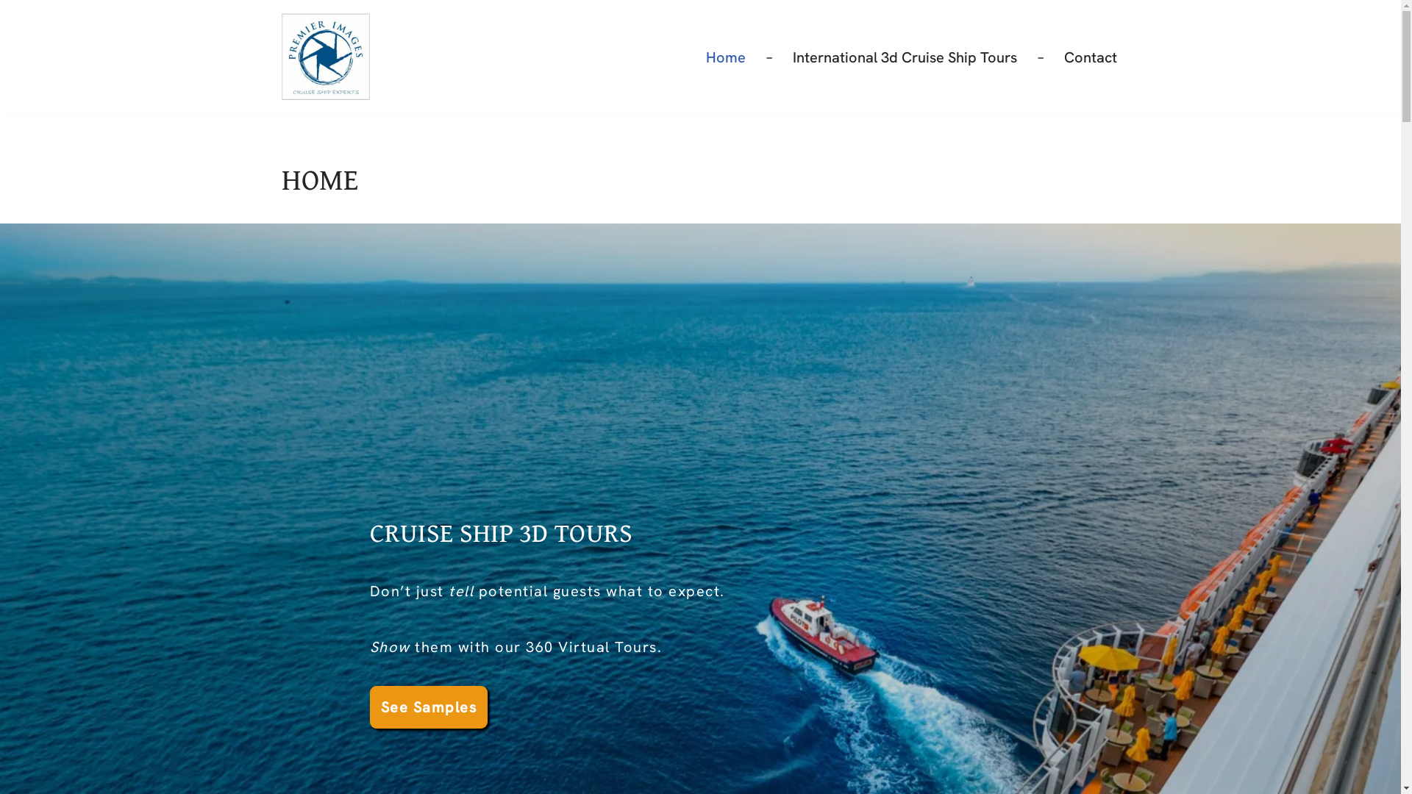 The height and width of the screenshot is (794, 1412). What do you see at coordinates (1090, 56) in the screenshot?
I see `'Contact'` at bounding box center [1090, 56].